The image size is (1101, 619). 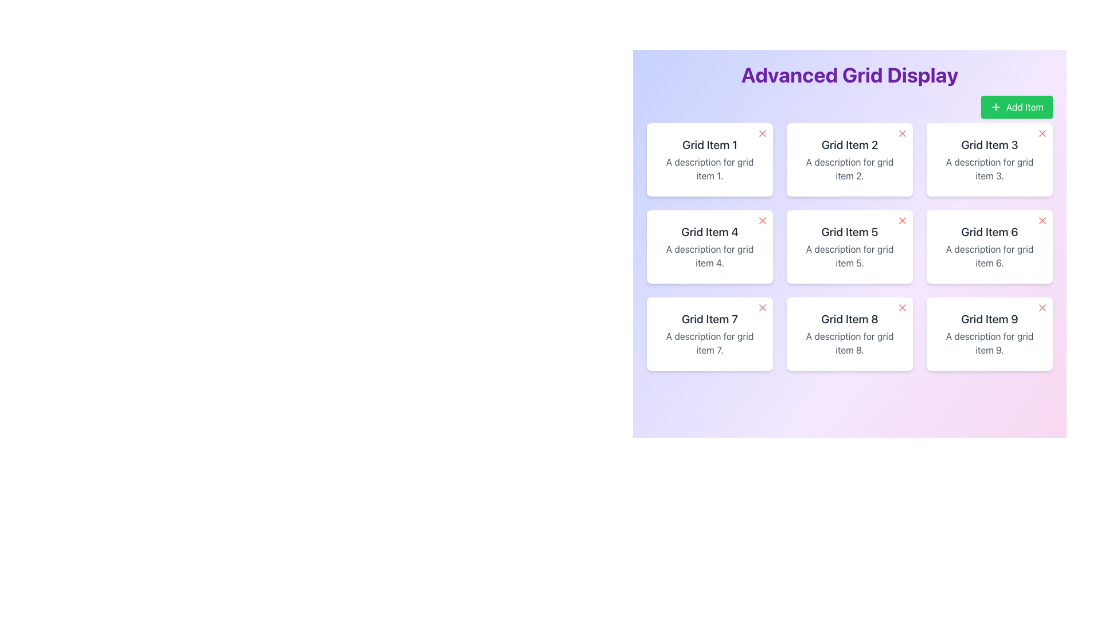 What do you see at coordinates (850, 144) in the screenshot?
I see `the text label located at the top-center of the second card in the first row of the grid layout, which identifies the content associated with this card` at bounding box center [850, 144].